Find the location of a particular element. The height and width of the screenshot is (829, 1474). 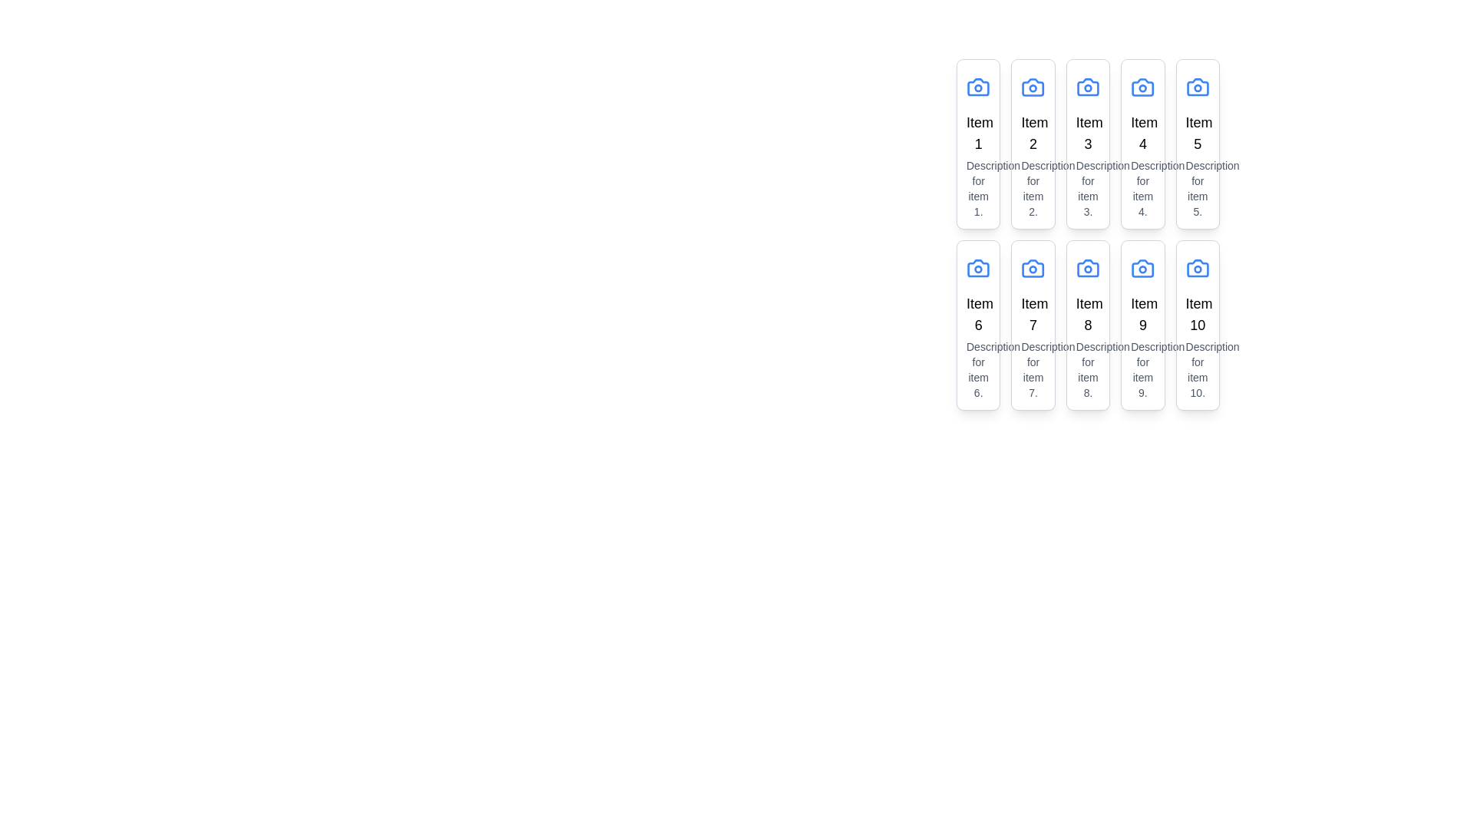

the visual indicator icon representing an image or media-related feature located in the top portion of the 'Item 10' box in the second row and fifth column of the grid layout is located at coordinates (1197, 268).